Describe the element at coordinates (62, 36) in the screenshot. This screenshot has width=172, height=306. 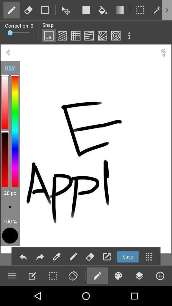
I see `edit the painting works` at that location.